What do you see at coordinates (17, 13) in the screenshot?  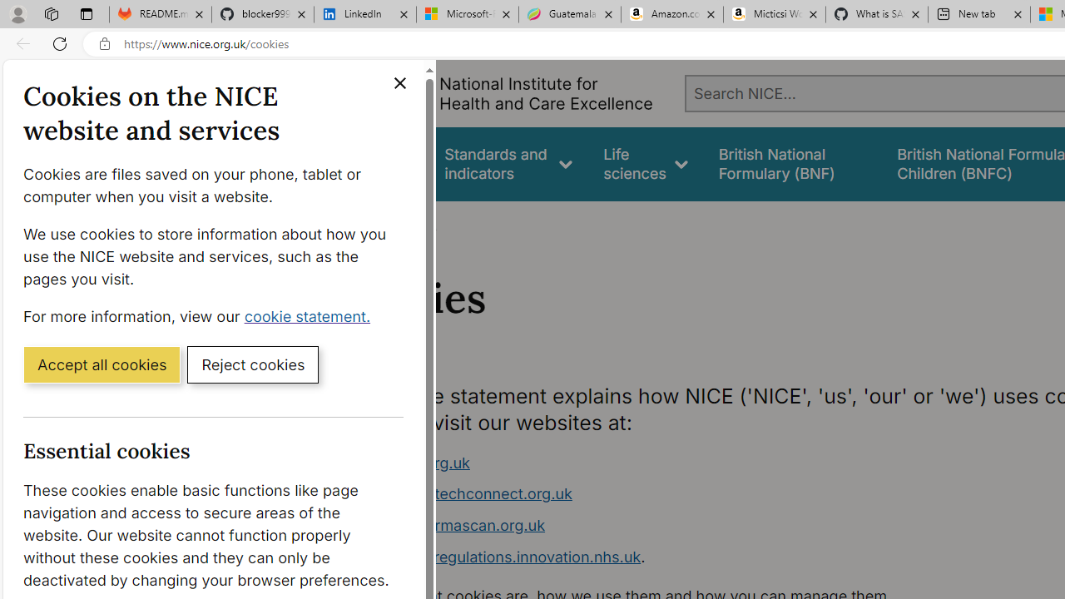 I see `'Personal Profile'` at bounding box center [17, 13].